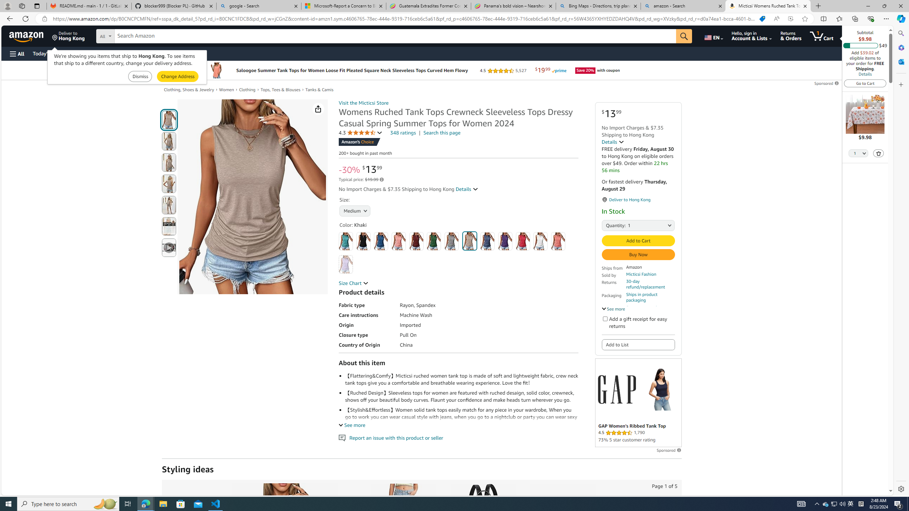  Describe the element at coordinates (319, 89) in the screenshot. I see `'Tanks & Camis'` at that location.